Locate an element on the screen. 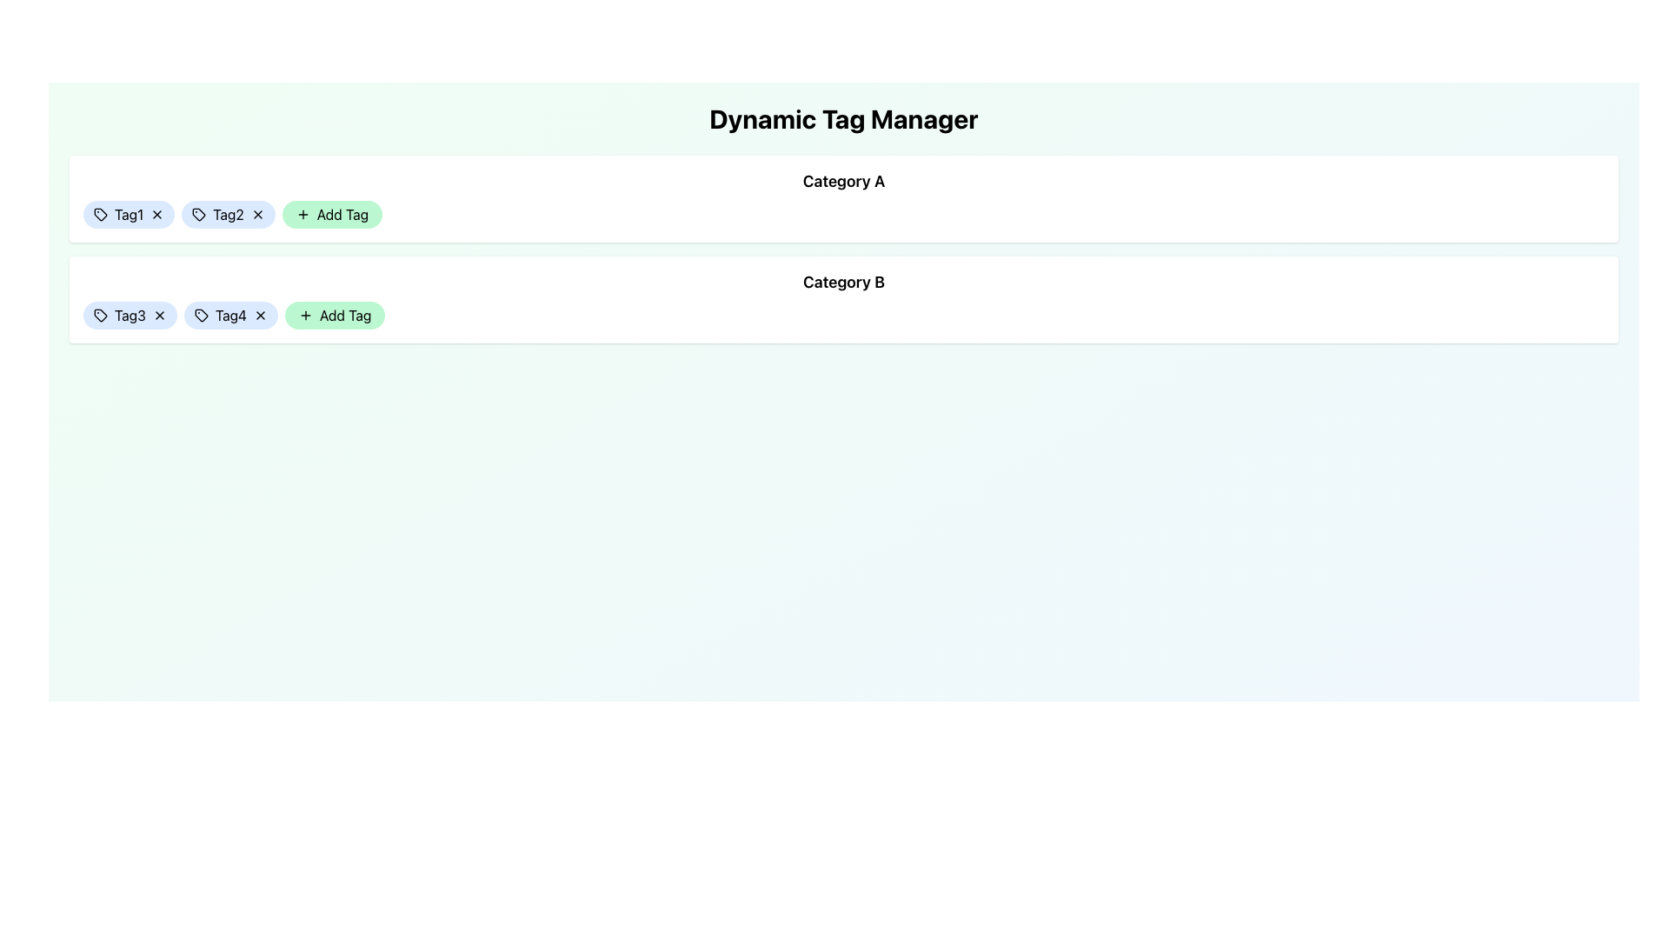 The height and width of the screenshot is (939, 1669). the displayed text of the first tag label located under the 'Category A' heading, positioned left of 'Tag2' and right of the tag icon is located at coordinates (128, 213).